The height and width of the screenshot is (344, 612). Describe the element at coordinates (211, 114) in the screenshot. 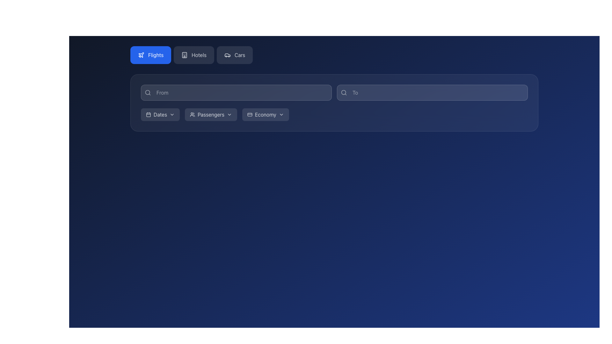

I see `the Dropdown-trigger button located centrally between the 'Dates' button and the 'Economy' button` at that location.